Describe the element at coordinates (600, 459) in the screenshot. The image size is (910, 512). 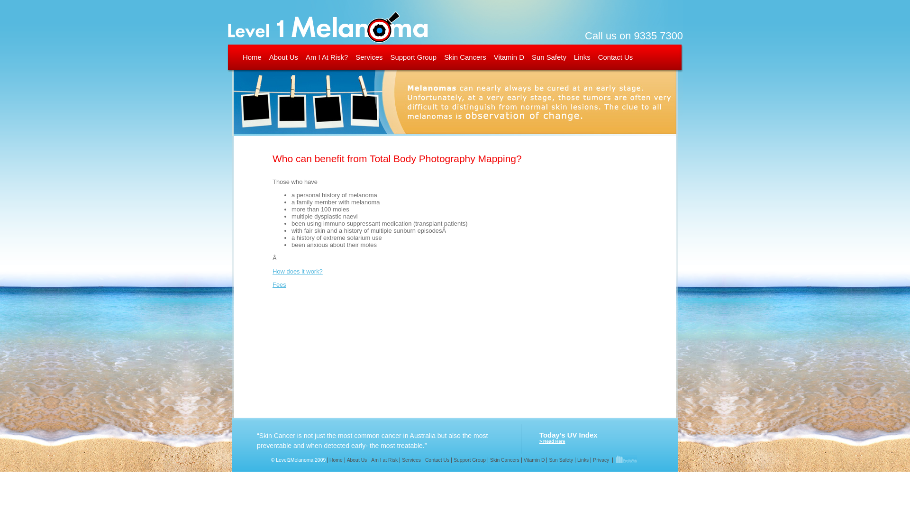
I see `'Privacy'` at that location.